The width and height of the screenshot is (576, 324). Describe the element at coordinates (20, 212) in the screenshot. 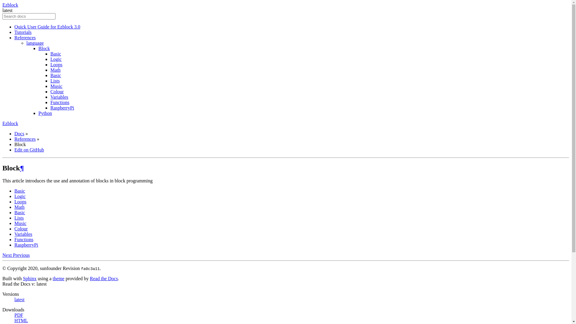

I see `'Basic'` at that location.